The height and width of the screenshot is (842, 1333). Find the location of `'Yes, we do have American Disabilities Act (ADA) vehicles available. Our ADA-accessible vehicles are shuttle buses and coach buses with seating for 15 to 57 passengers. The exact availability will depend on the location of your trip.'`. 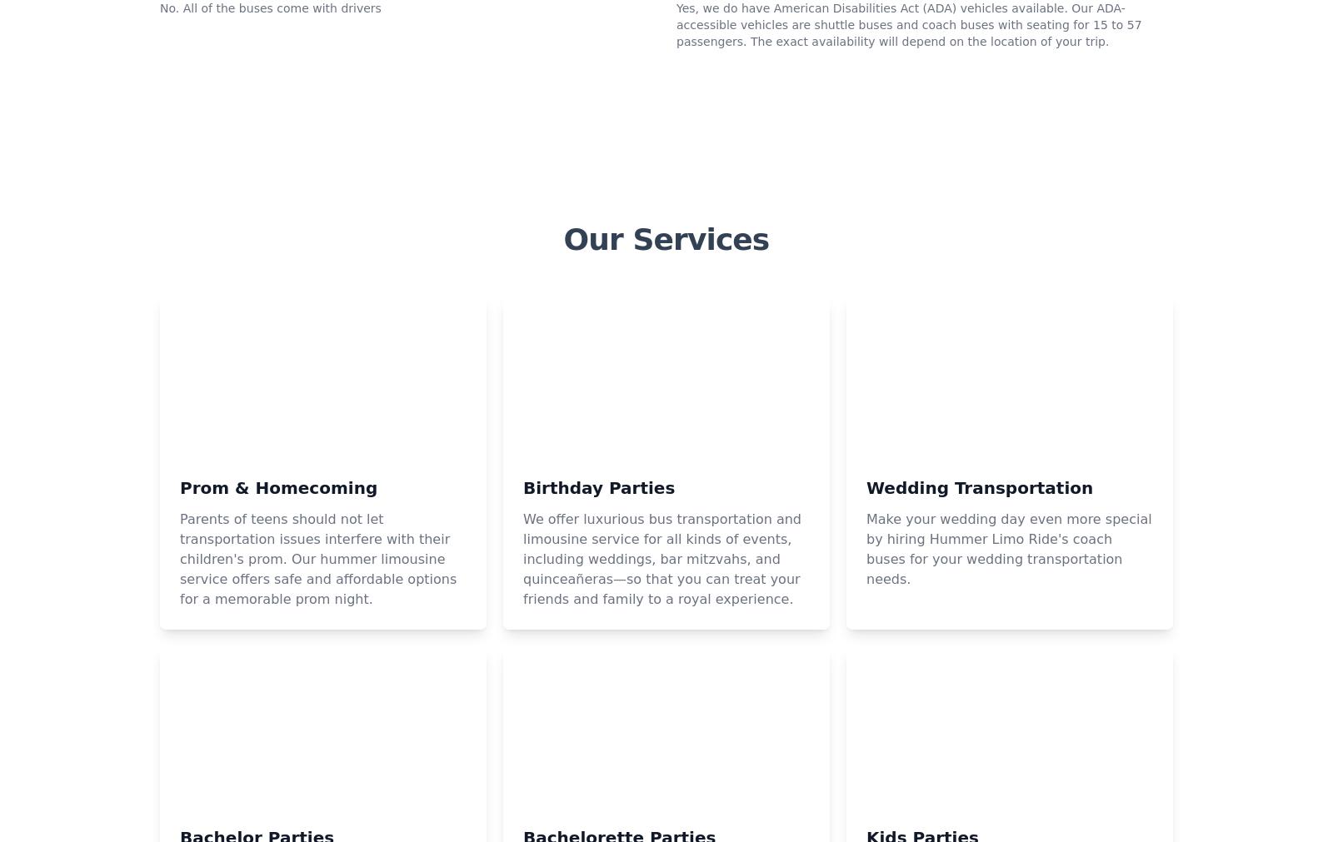

'Yes, we do have American Disabilities Act (ADA) vehicles available. Our ADA-accessible vehicles are shuttle buses and coach buses with seating for 15 to 57 passengers. The exact availability will depend on the location of your trip.' is located at coordinates (909, 247).